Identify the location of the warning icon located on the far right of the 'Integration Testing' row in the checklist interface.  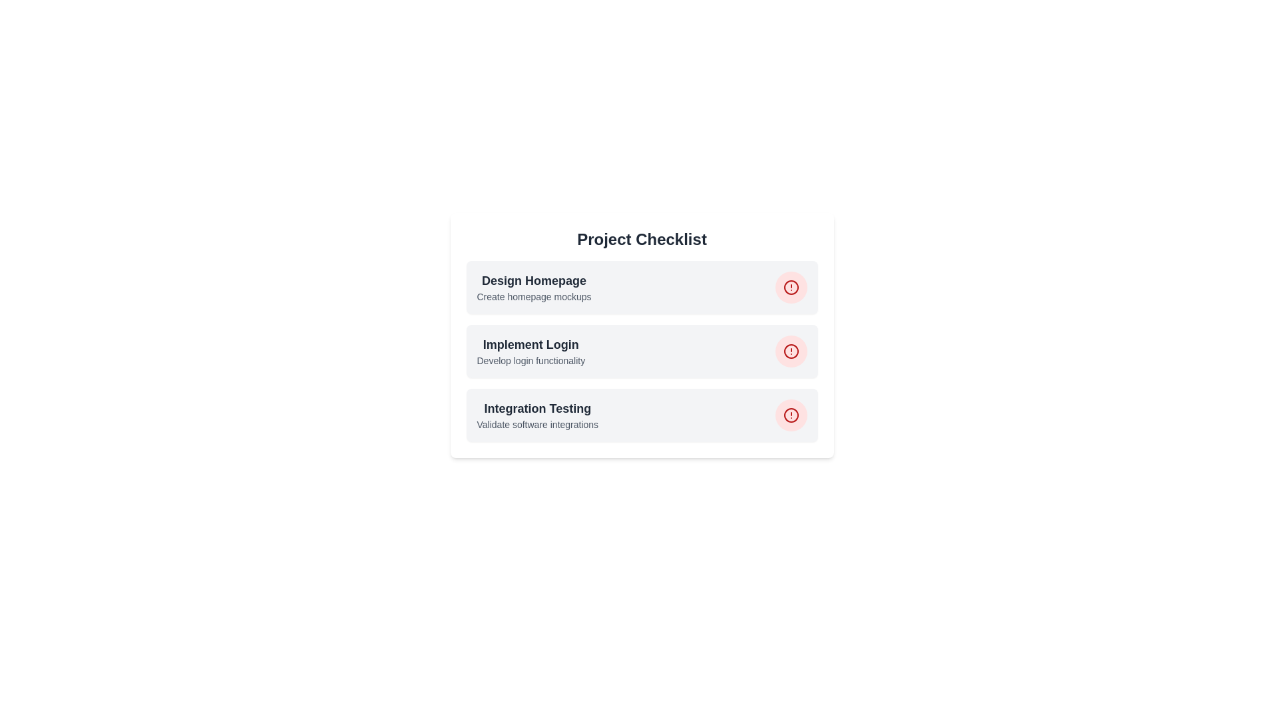
(791, 415).